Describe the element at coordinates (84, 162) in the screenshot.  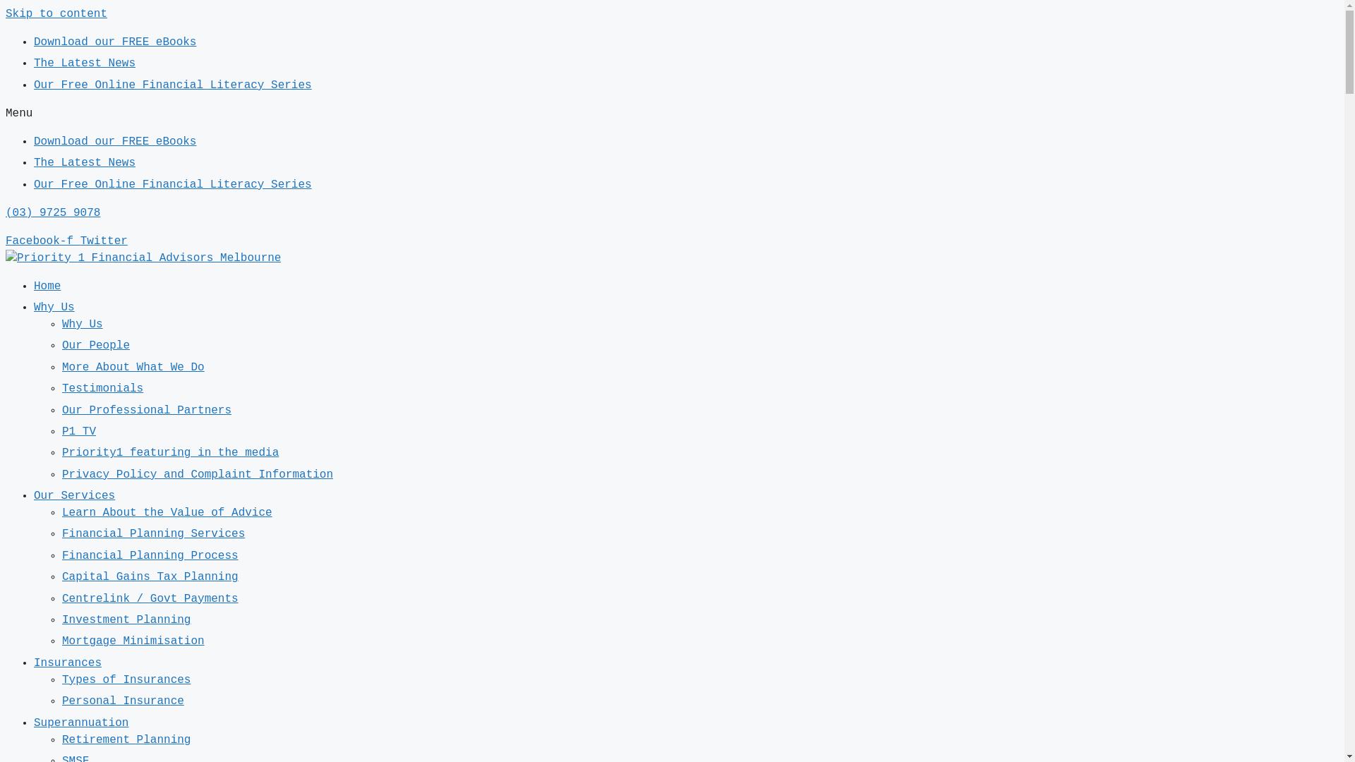
I see `'The Latest News'` at that location.